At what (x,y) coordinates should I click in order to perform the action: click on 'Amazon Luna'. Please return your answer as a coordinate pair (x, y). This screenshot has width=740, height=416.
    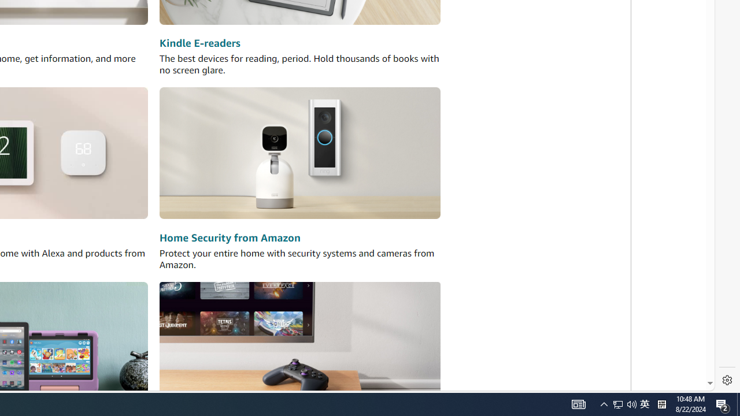
    Looking at the image, I should click on (300, 347).